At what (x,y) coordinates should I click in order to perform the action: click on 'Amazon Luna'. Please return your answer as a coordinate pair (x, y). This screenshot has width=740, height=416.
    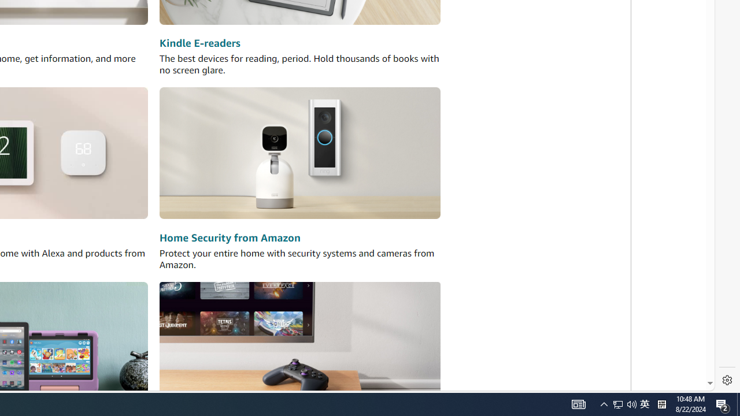
    Looking at the image, I should click on (300, 347).